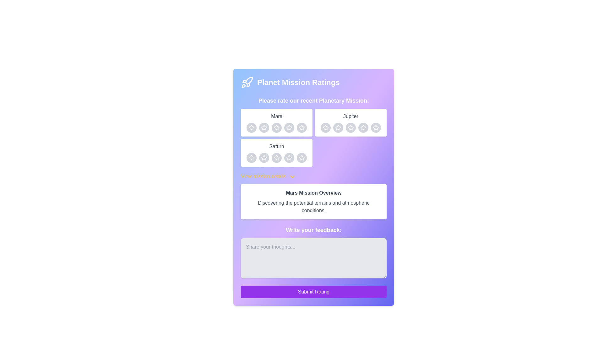  I want to click on the fifth star rating icon for the item labeled 'Saturn', so click(301, 157).